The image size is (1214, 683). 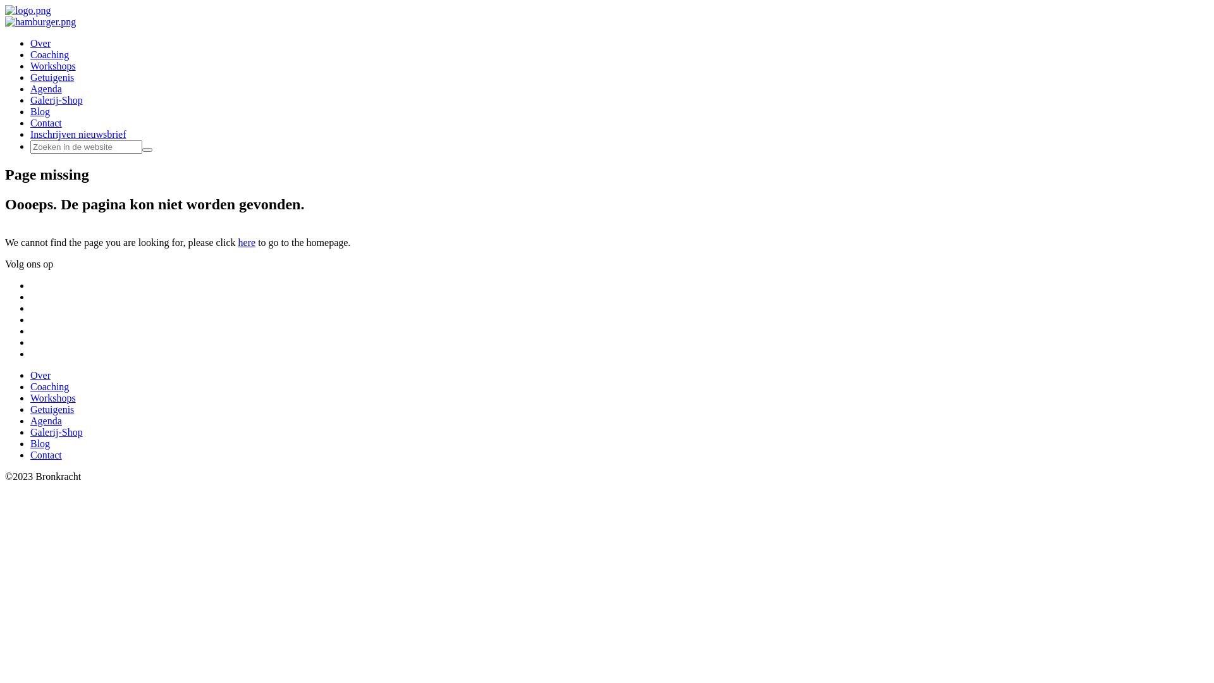 What do you see at coordinates (46, 454) in the screenshot?
I see `'Contact'` at bounding box center [46, 454].